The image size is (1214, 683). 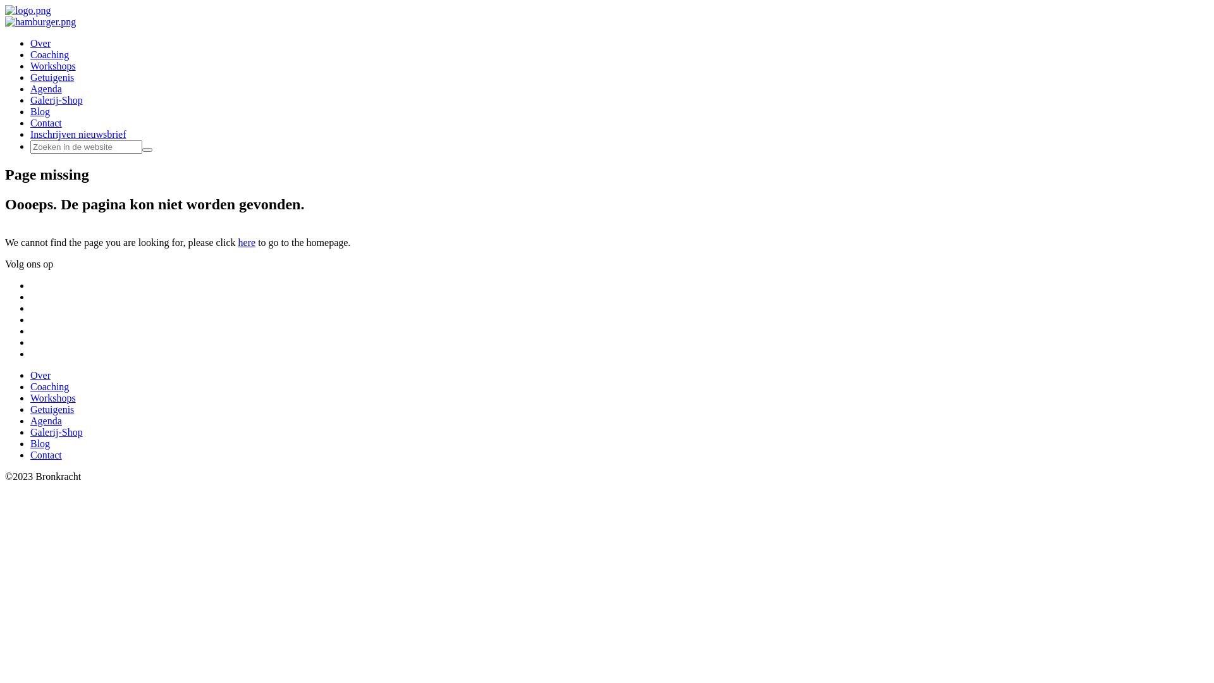 What do you see at coordinates (46, 454) in the screenshot?
I see `'Contact'` at bounding box center [46, 454].